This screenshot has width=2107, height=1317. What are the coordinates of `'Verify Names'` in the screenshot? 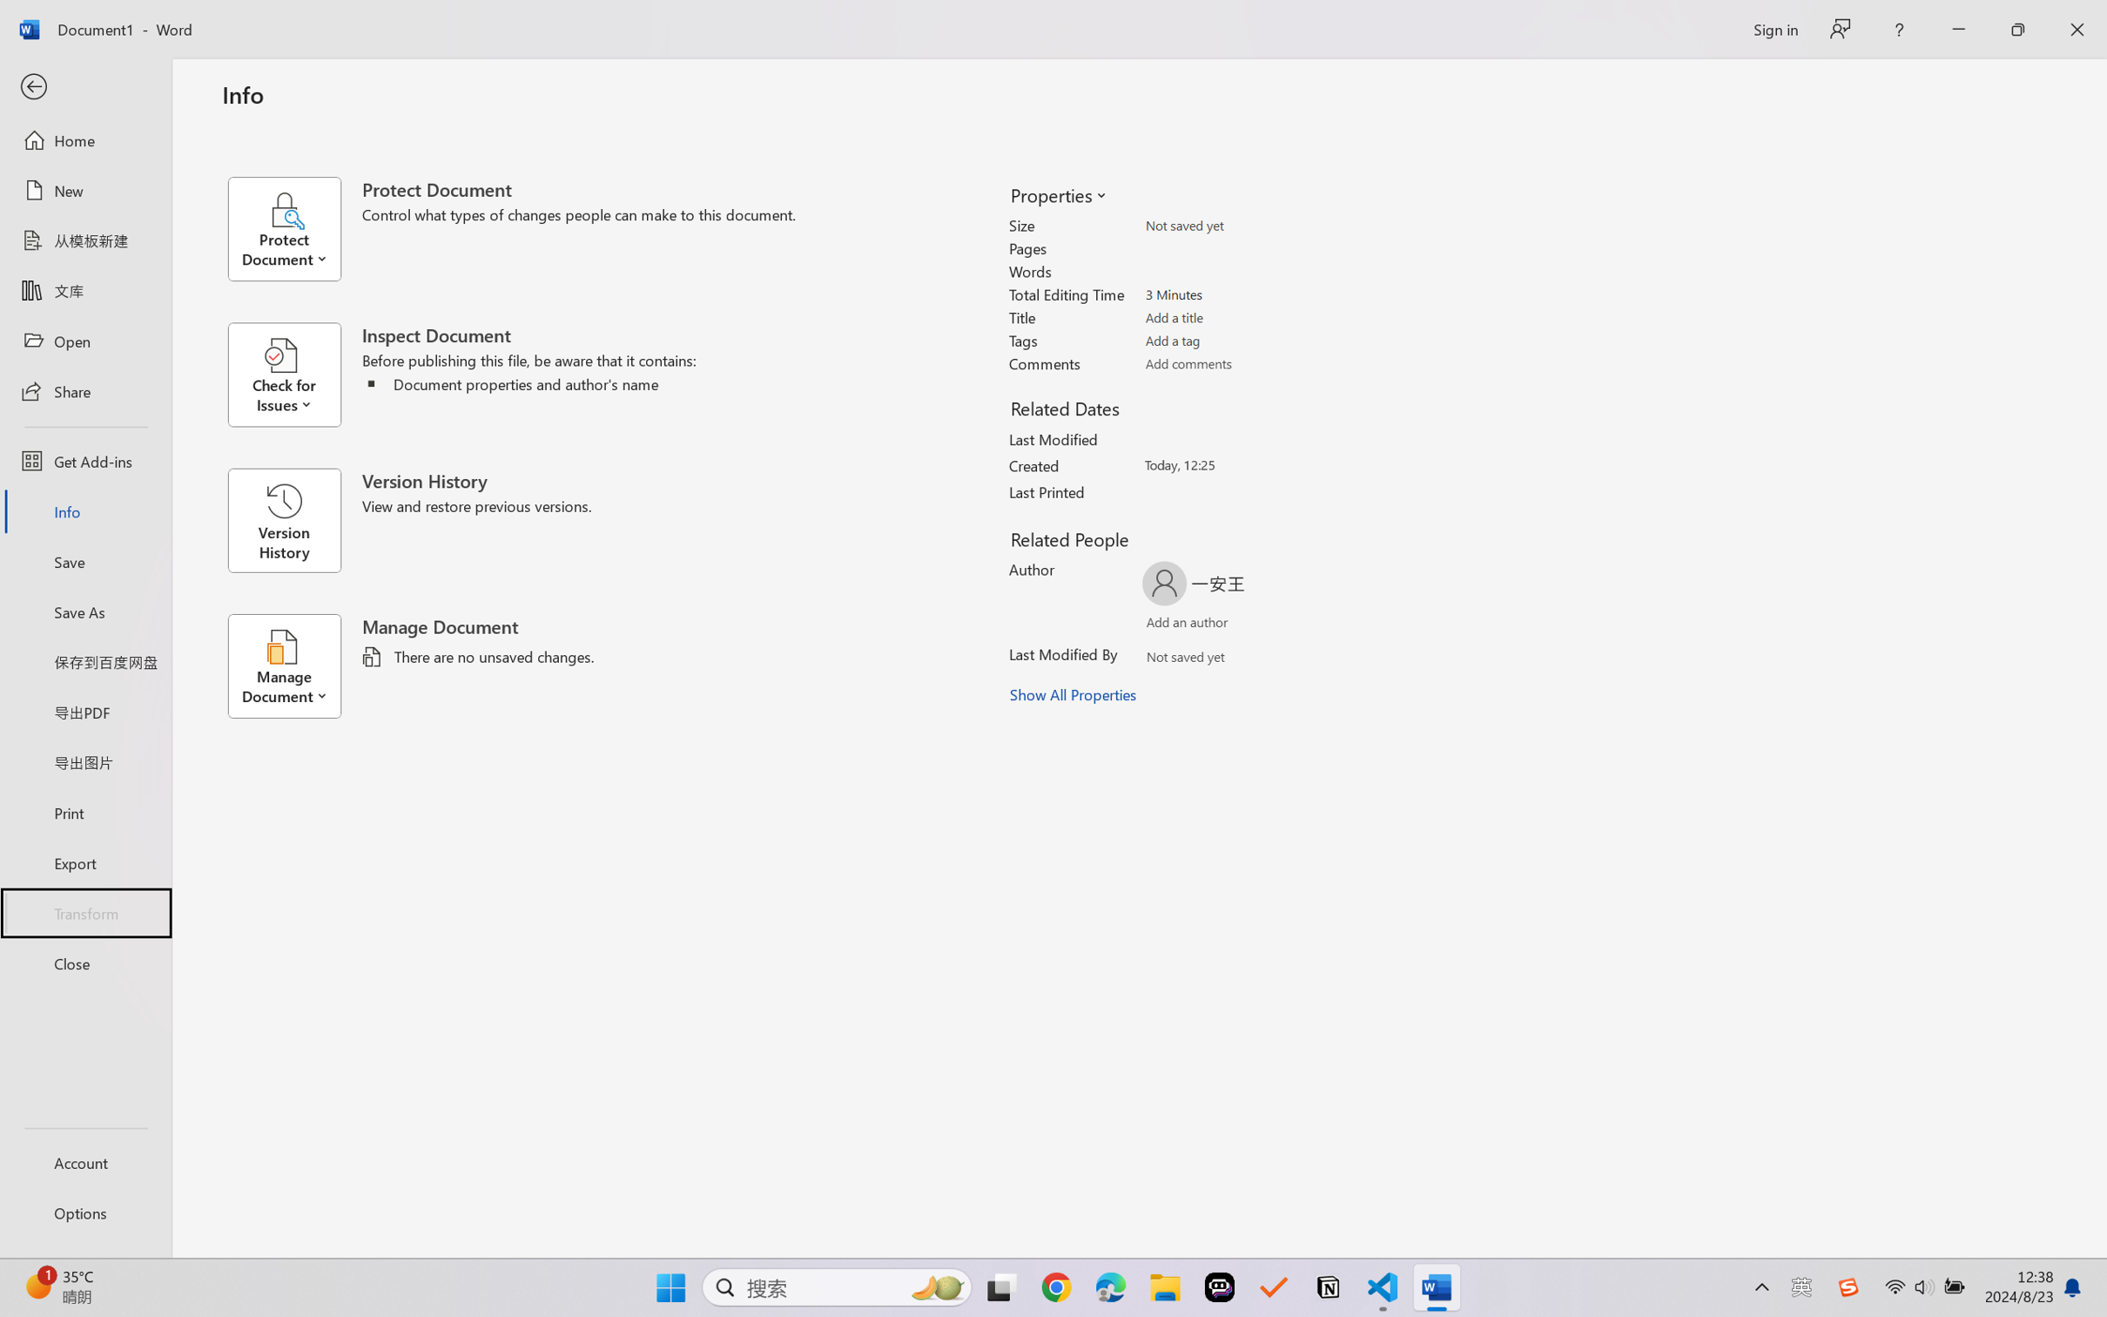 It's located at (1215, 658).